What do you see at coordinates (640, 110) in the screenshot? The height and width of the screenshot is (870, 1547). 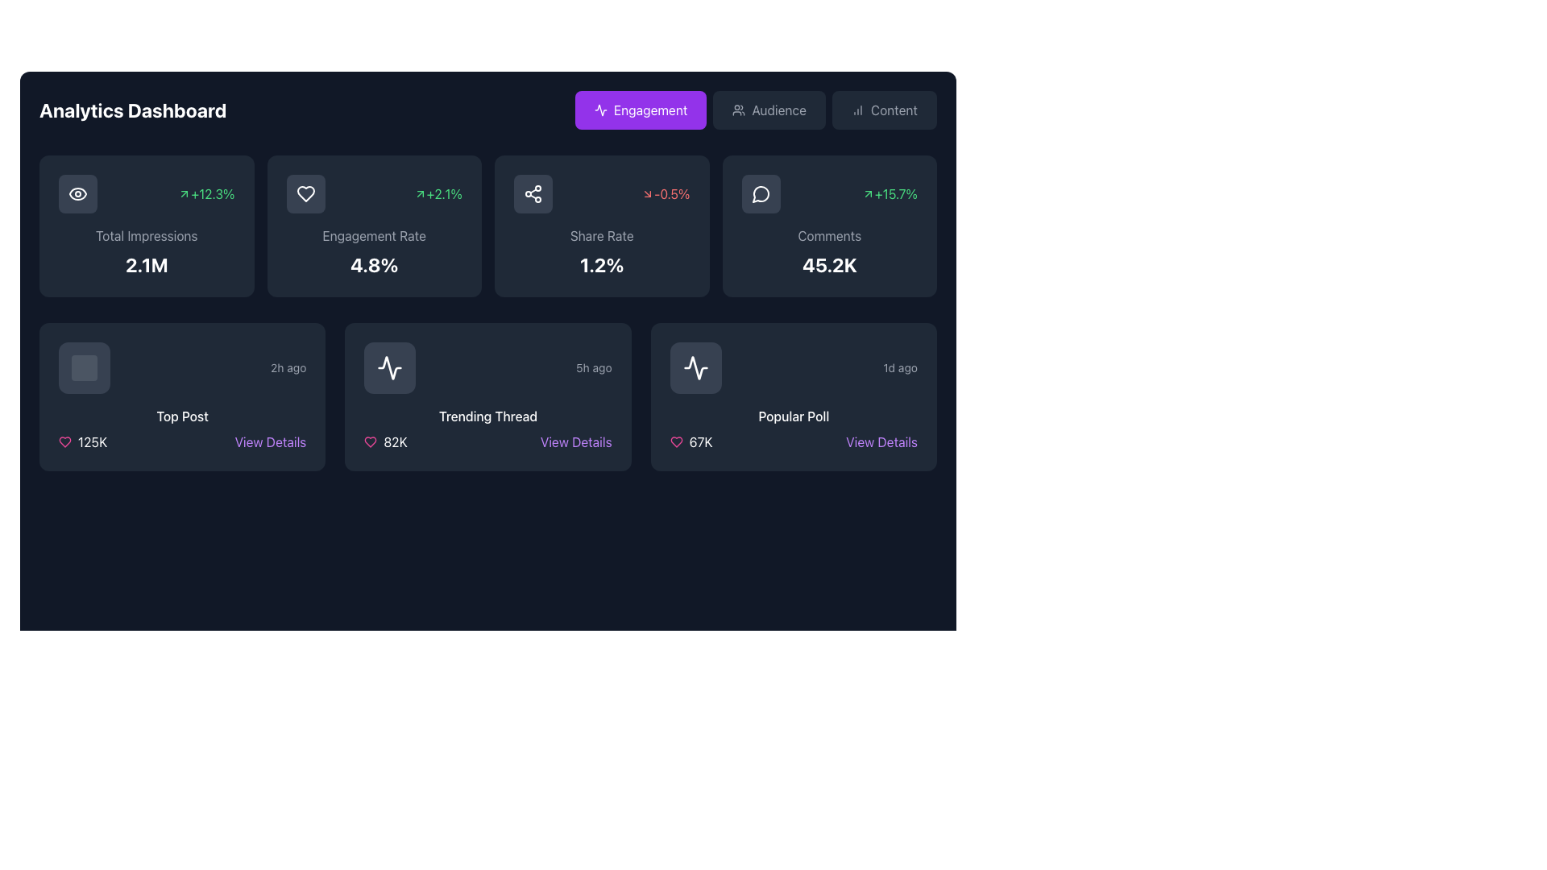 I see `the 'Engagement' button located at the top navigation panel, which is the first button in a row of three buttons labeled 'Engagement', 'Audience', and 'Content', to possibly reveal additional tooltip information` at bounding box center [640, 110].